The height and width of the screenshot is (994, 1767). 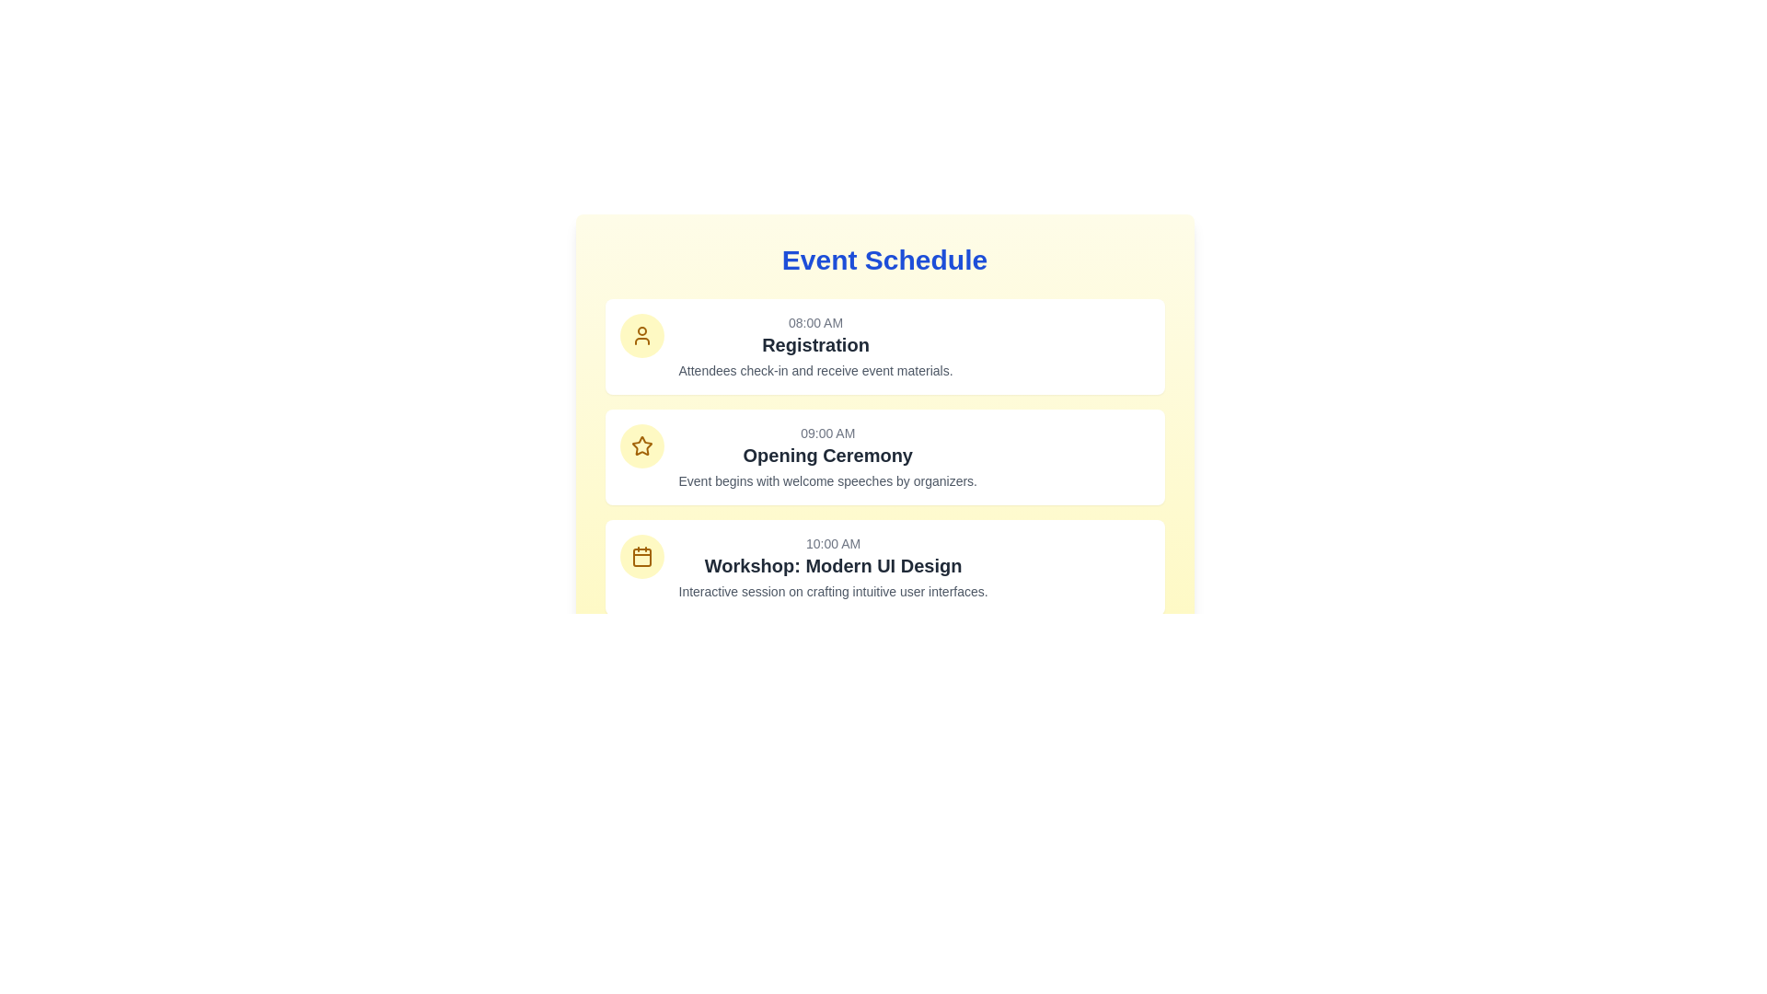 What do you see at coordinates (641, 336) in the screenshot?
I see `the 'Registration' event icon, which is represented by a circular yellow background located to the left of the event title text` at bounding box center [641, 336].